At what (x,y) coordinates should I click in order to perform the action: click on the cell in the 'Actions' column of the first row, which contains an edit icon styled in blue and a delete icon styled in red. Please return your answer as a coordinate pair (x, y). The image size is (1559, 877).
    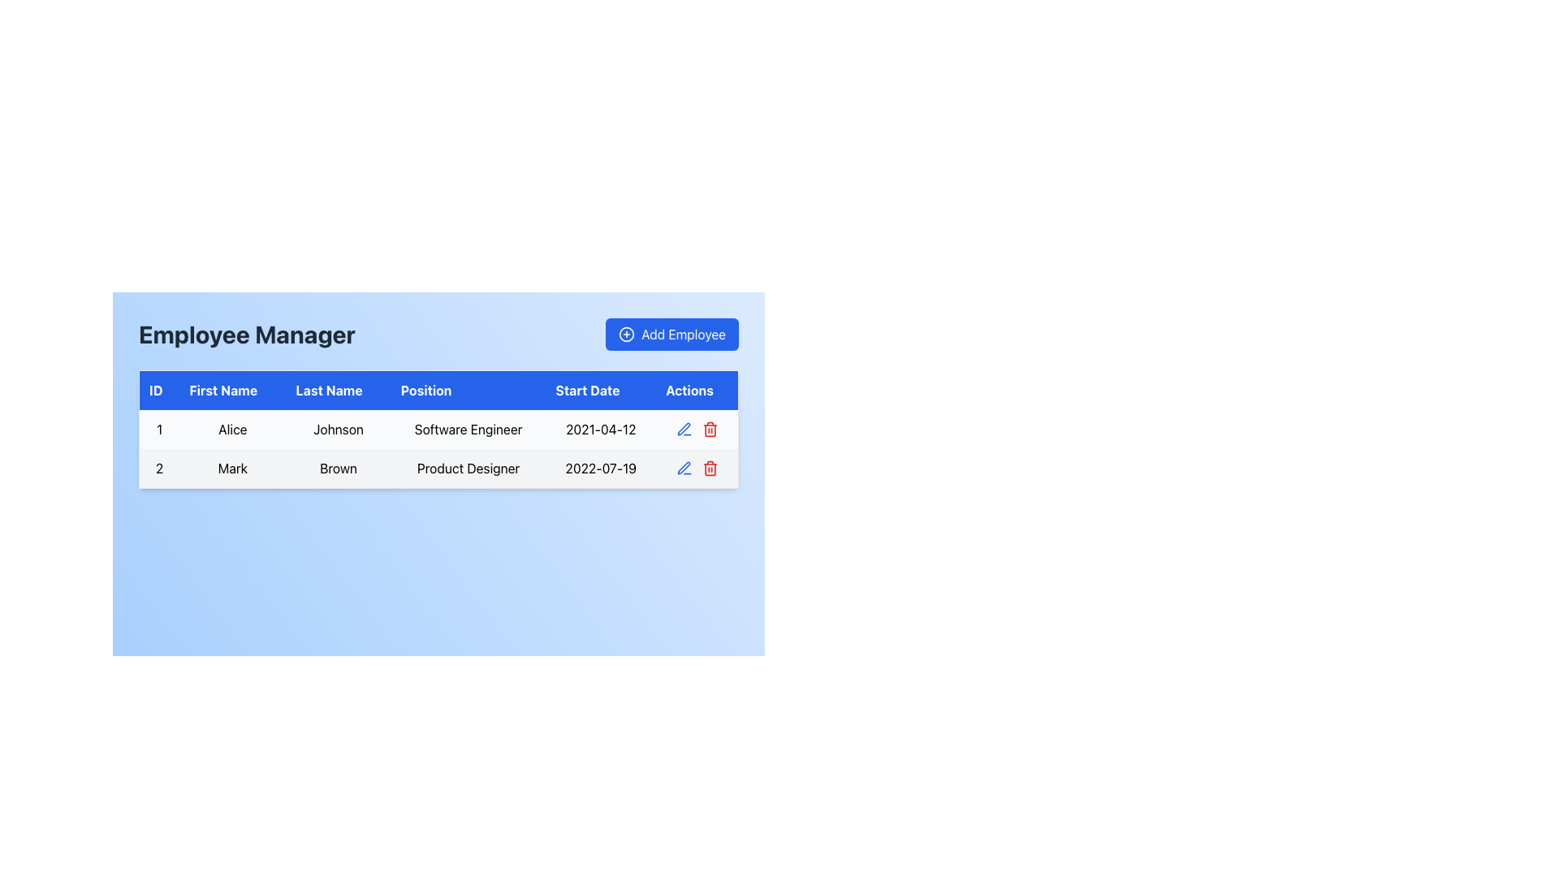
    Looking at the image, I should click on (697, 428).